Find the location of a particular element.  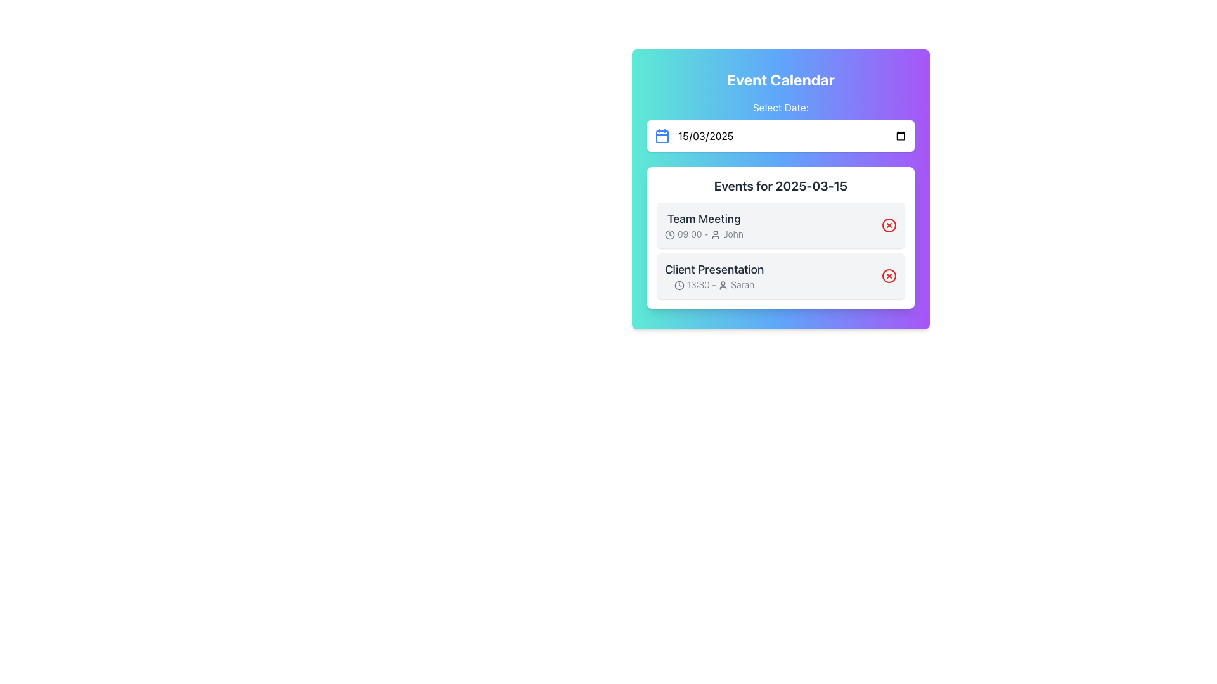

the user icon that visually represents 'John' for the event scheduled at 09:00, following the clock icon and aligned to the left of the text is located at coordinates (716, 235).